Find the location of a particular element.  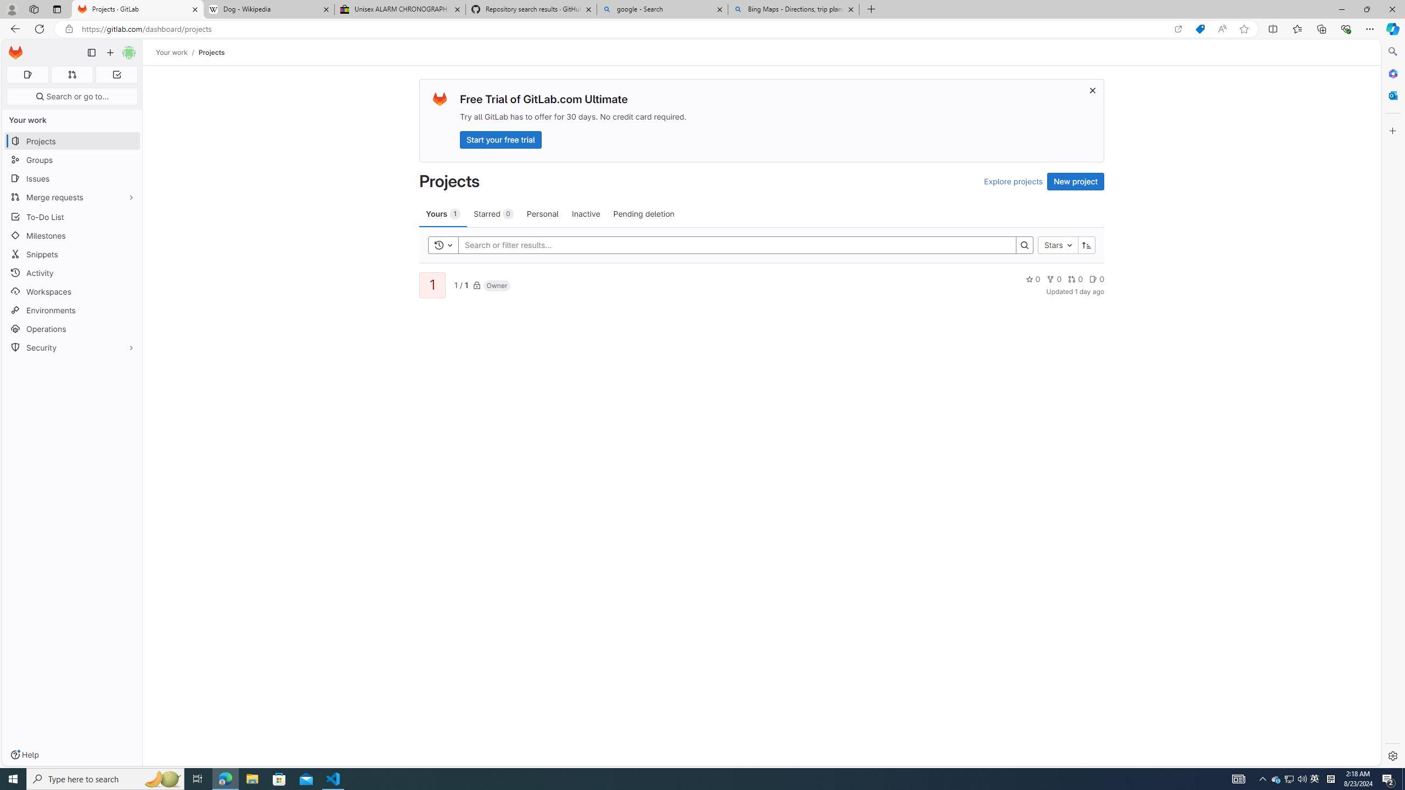

'0' is located at coordinates (1096, 279).